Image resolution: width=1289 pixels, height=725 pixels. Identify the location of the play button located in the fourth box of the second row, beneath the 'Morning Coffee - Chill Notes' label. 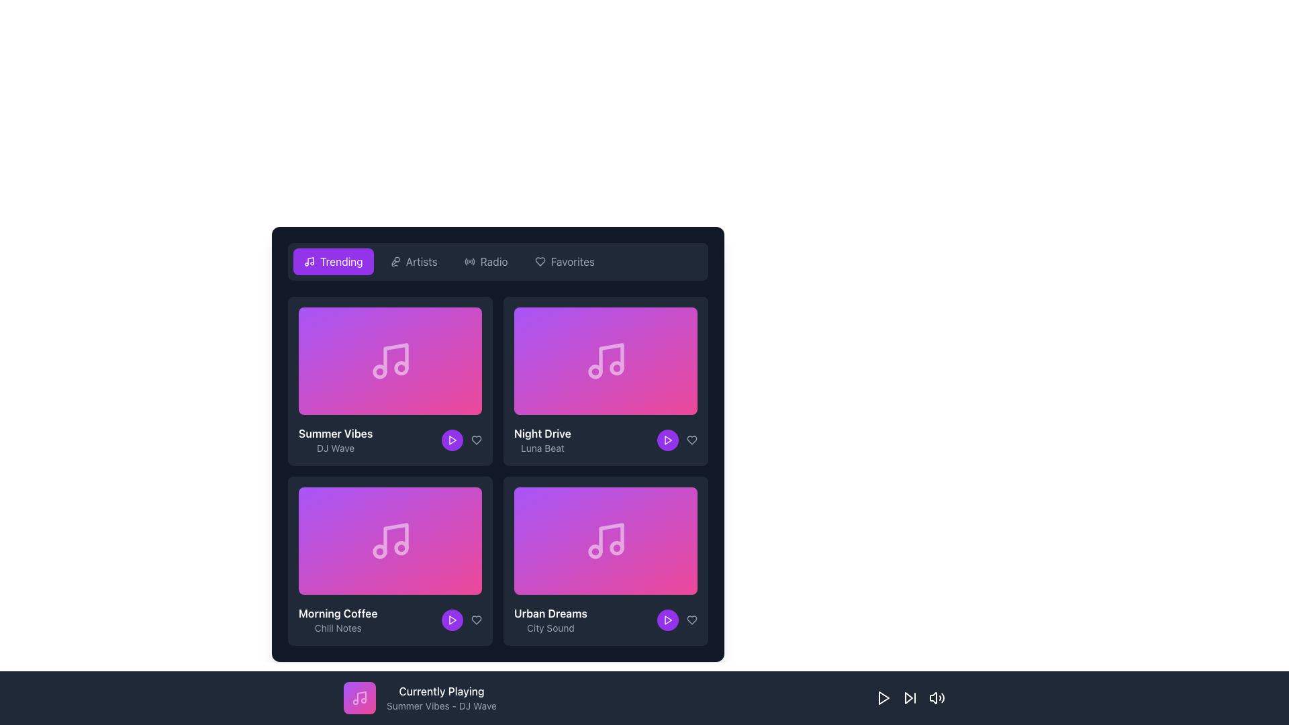
(452, 620).